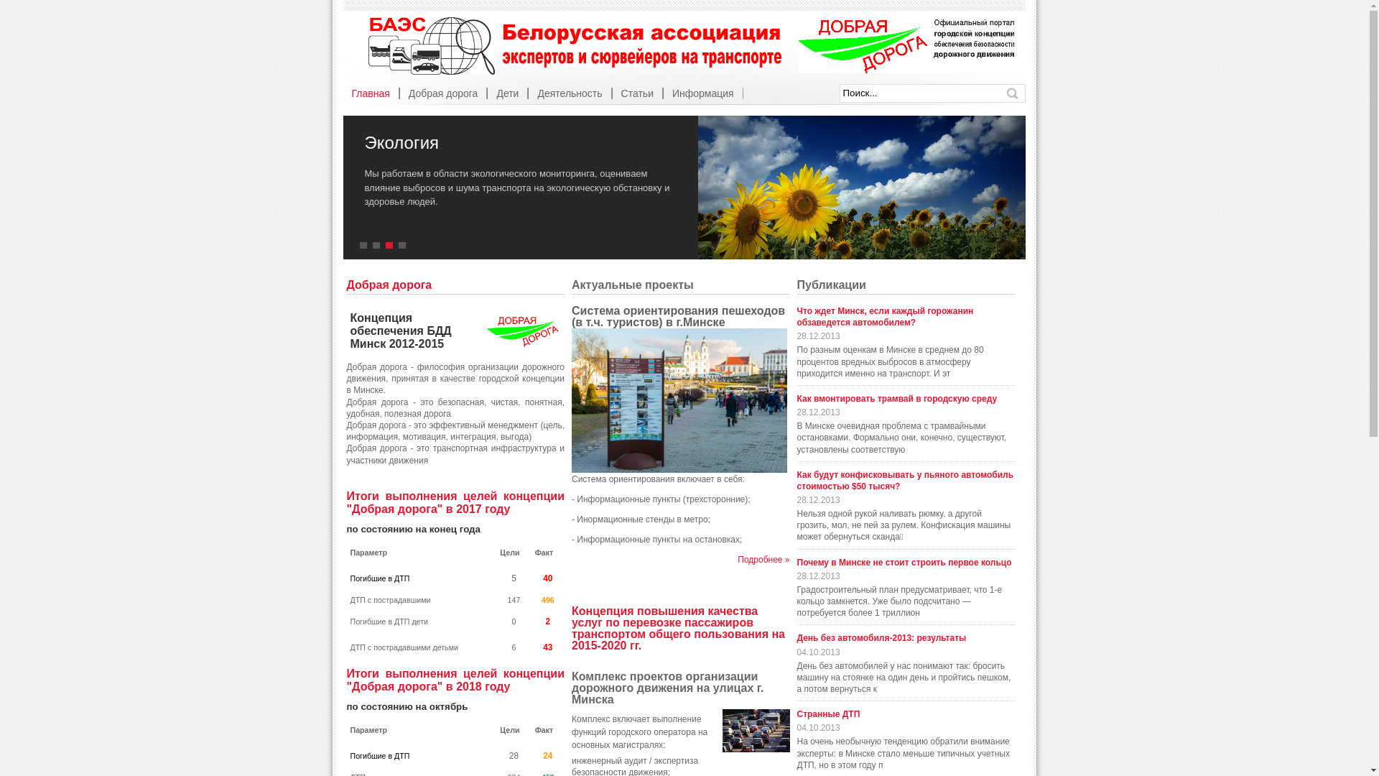  Describe the element at coordinates (358, 245) in the screenshot. I see `'1'` at that location.